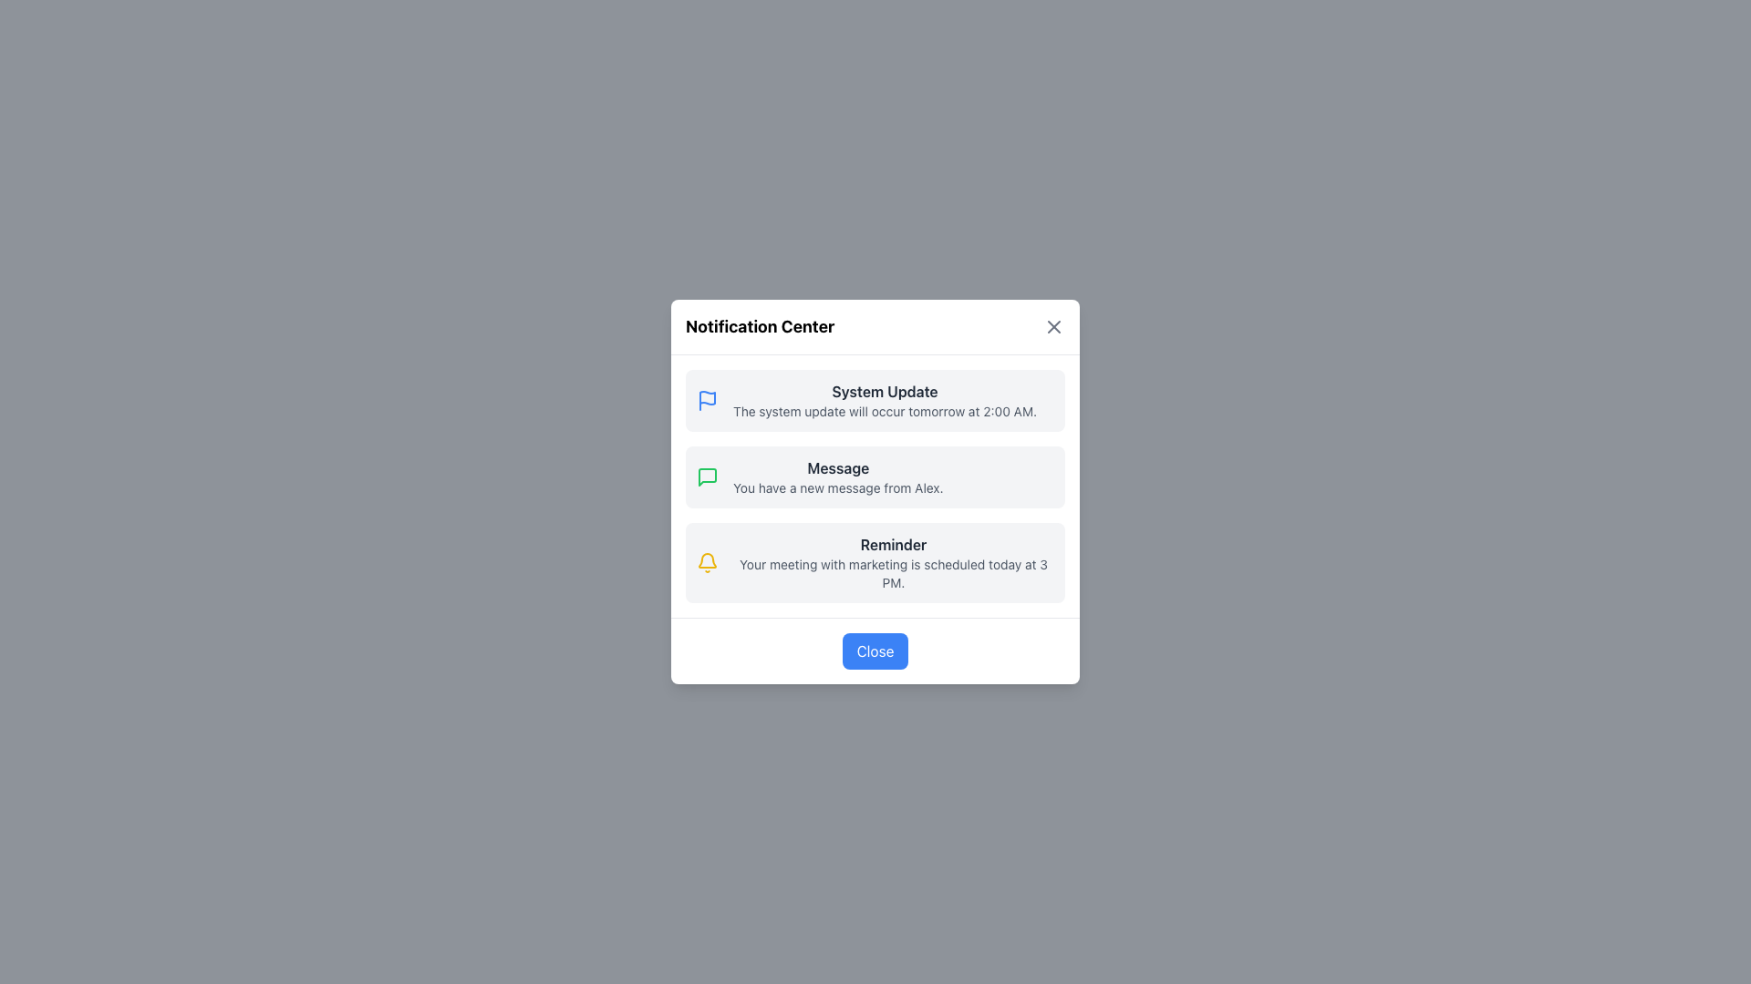  I want to click on the 'Close' button located at the bottom center of the modal dialog, so click(875, 650).